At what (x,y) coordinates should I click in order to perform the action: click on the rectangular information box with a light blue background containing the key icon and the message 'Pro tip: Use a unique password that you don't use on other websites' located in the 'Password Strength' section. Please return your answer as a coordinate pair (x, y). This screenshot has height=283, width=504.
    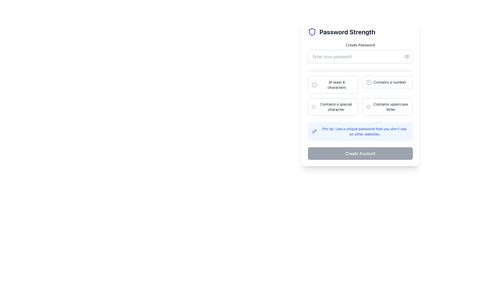
    Looking at the image, I should click on (360, 131).